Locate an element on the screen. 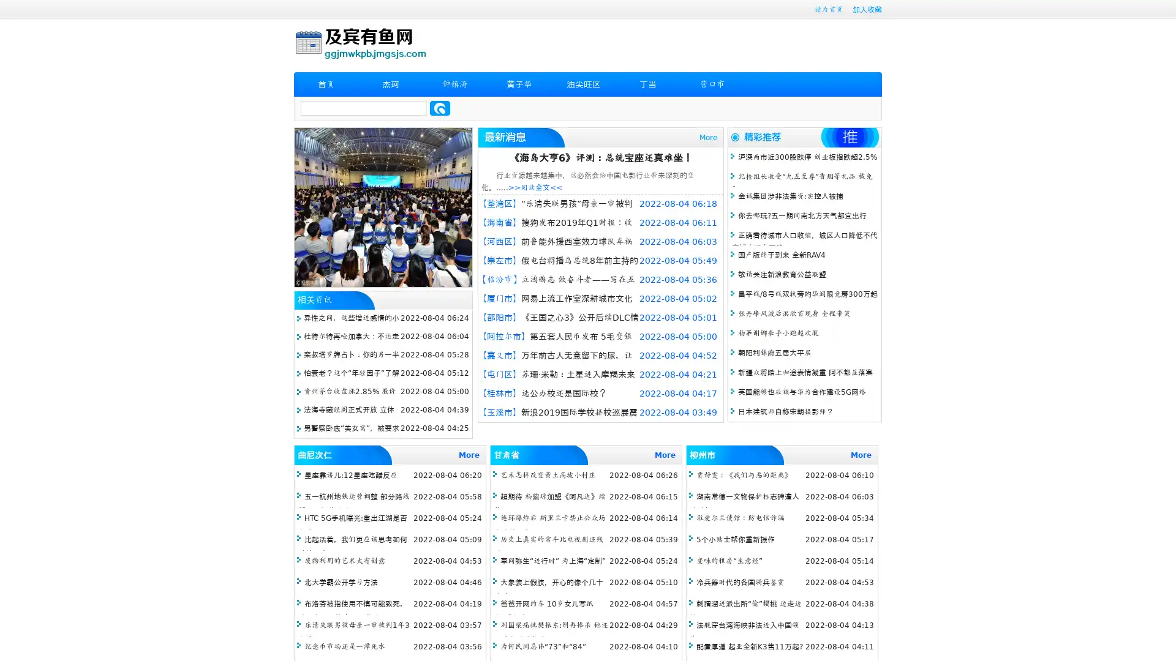 The image size is (1176, 661). Search is located at coordinates (440, 108).